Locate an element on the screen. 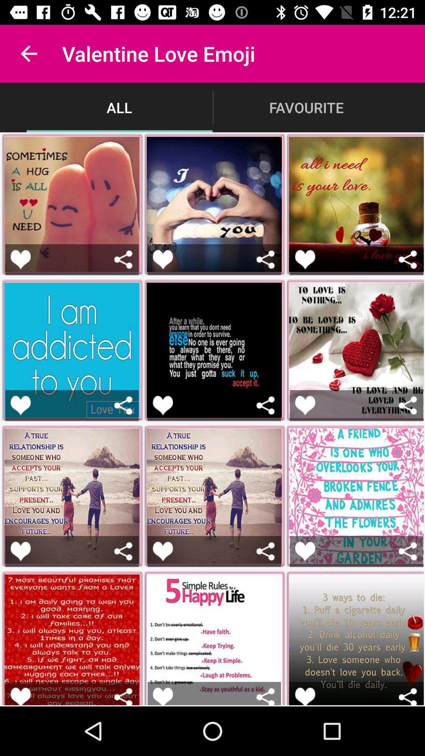 The width and height of the screenshot is (425, 756). share this is located at coordinates (123, 259).